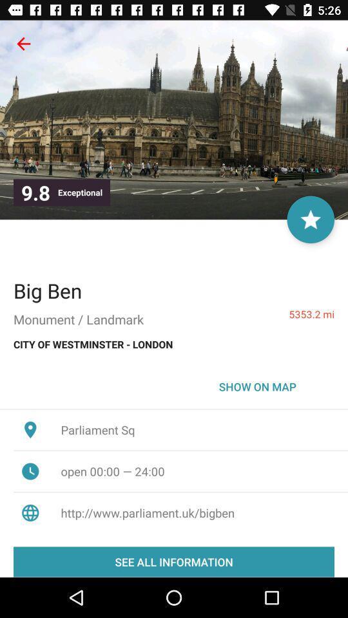  I want to click on as favorite, so click(310, 220).